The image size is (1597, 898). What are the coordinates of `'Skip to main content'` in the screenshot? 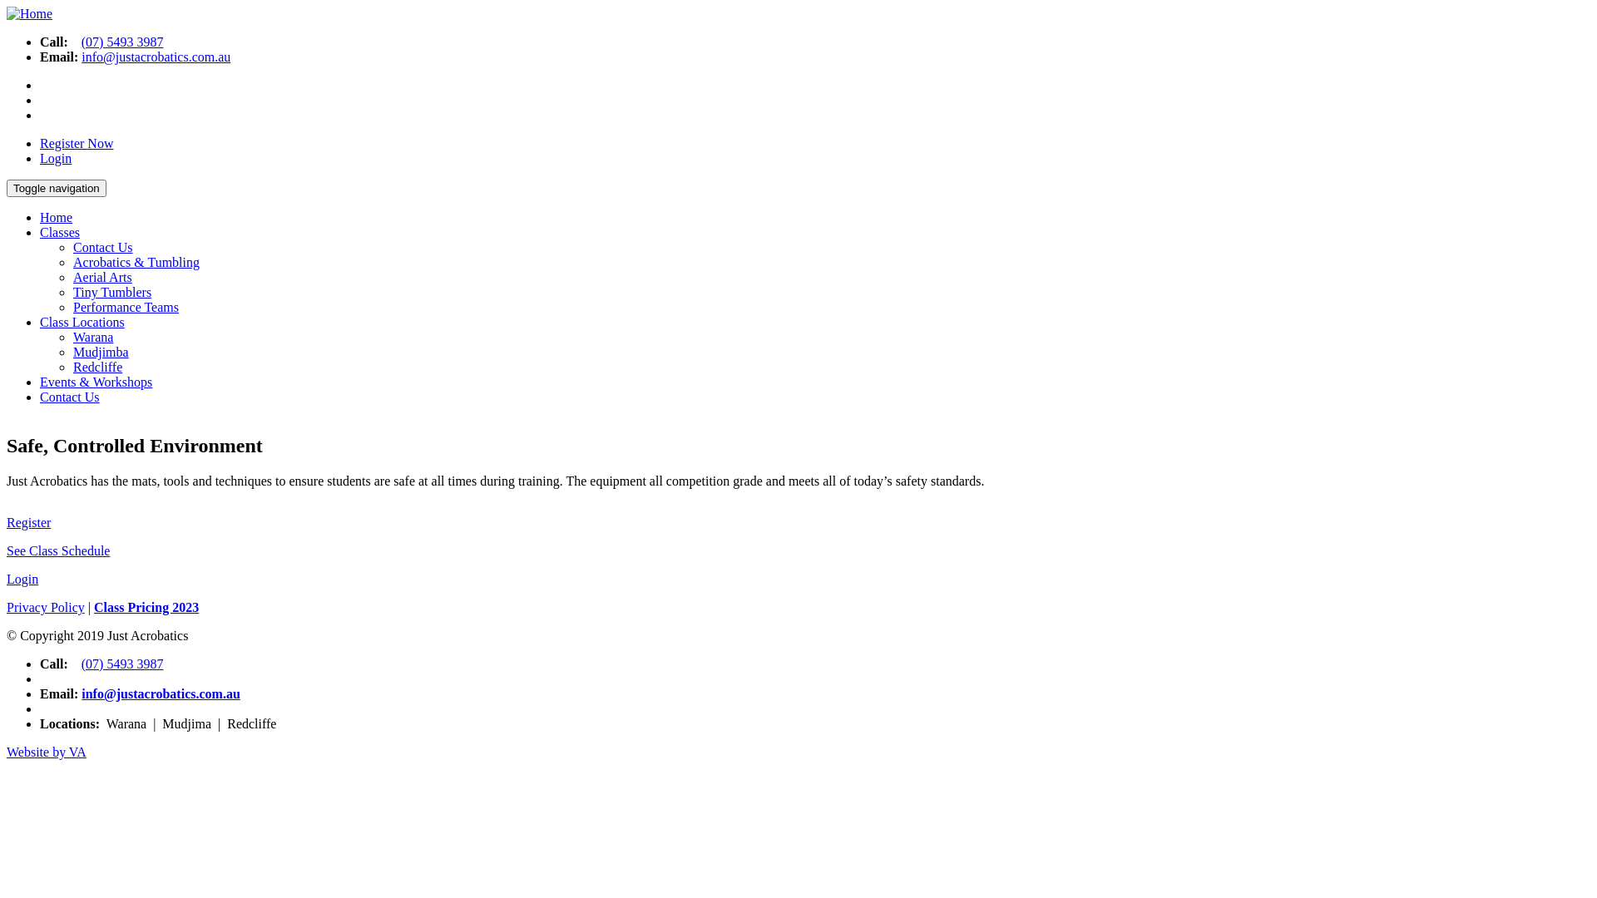 It's located at (62, 7).